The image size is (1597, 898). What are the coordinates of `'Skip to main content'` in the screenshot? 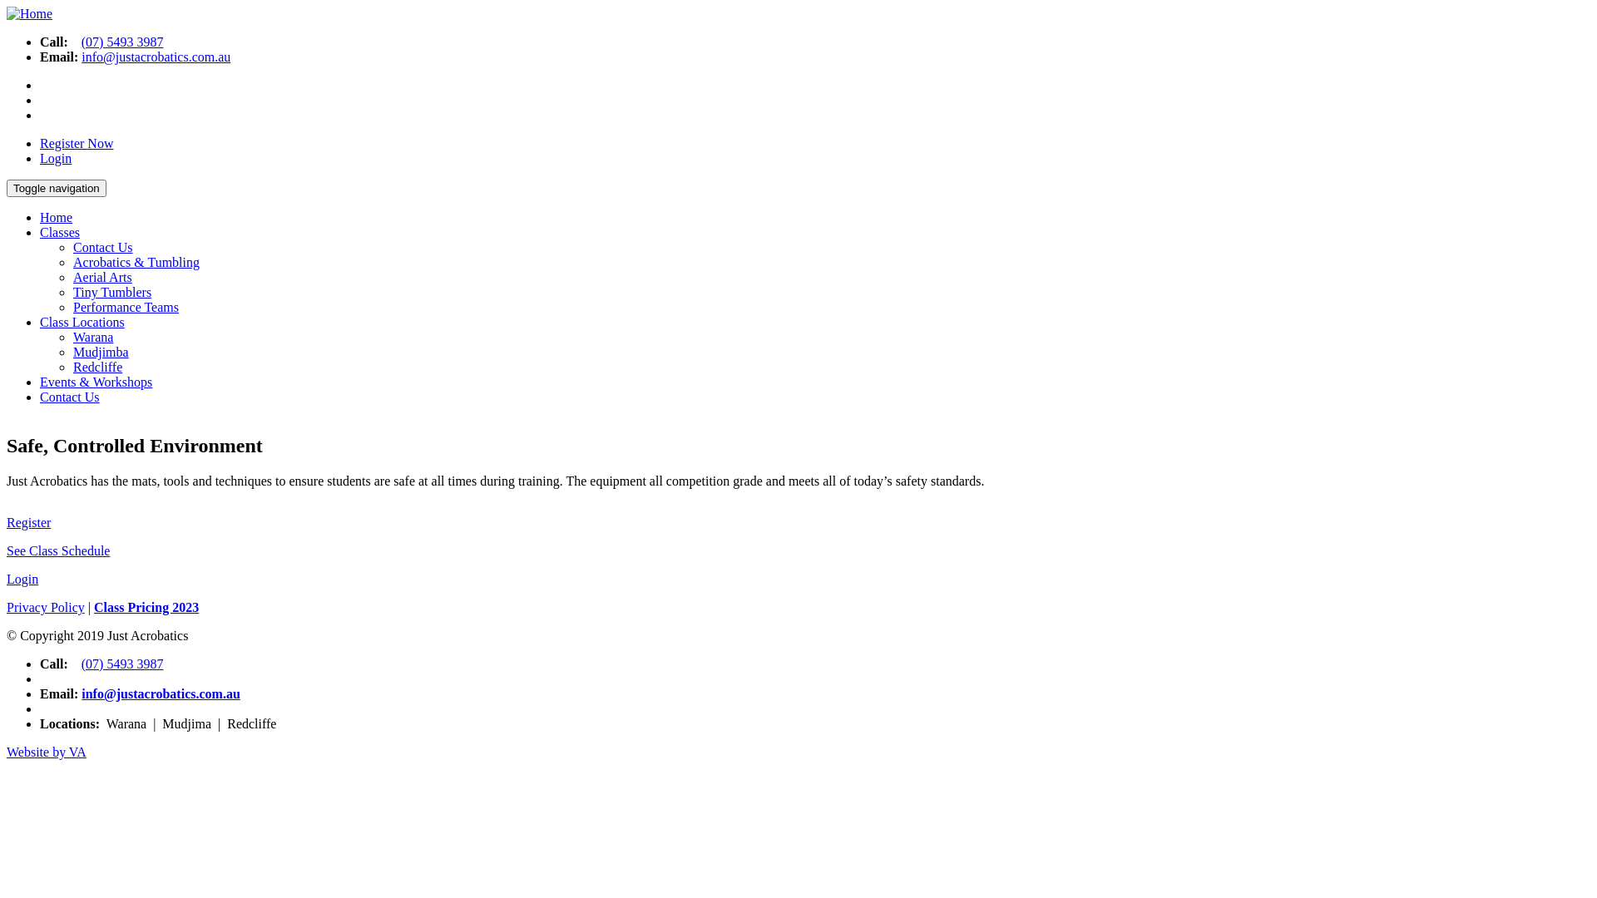 It's located at (62, 7).